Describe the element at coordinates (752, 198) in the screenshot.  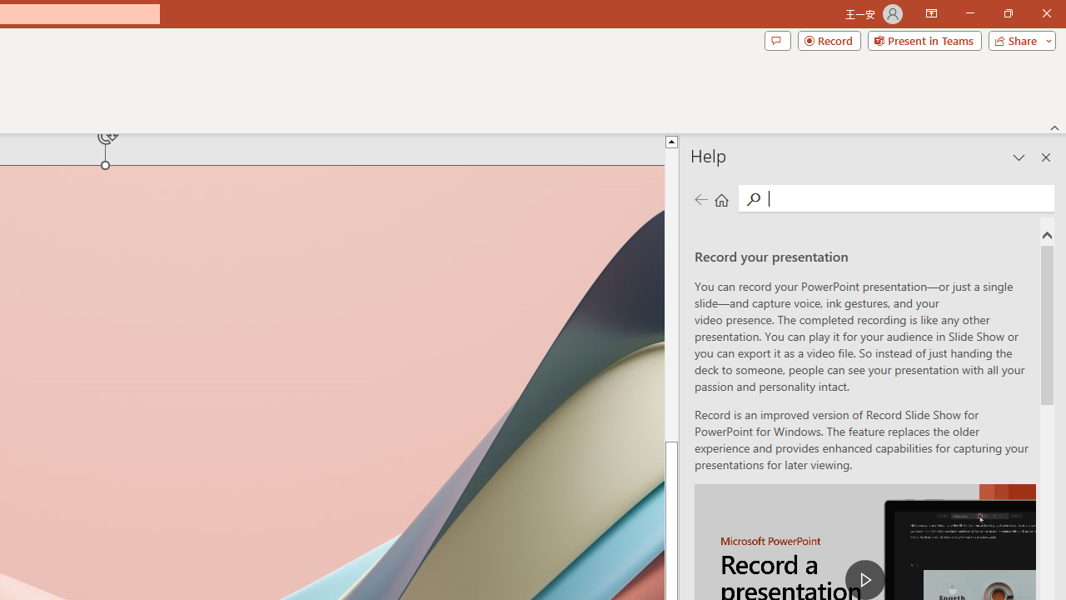
I see `'Search'` at that location.